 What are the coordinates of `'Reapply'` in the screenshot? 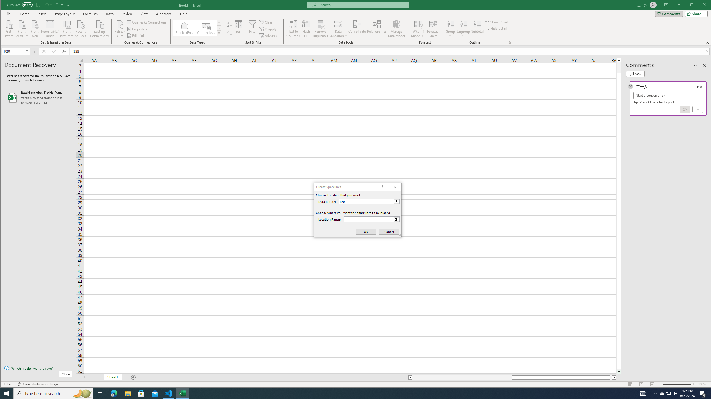 It's located at (268, 29).